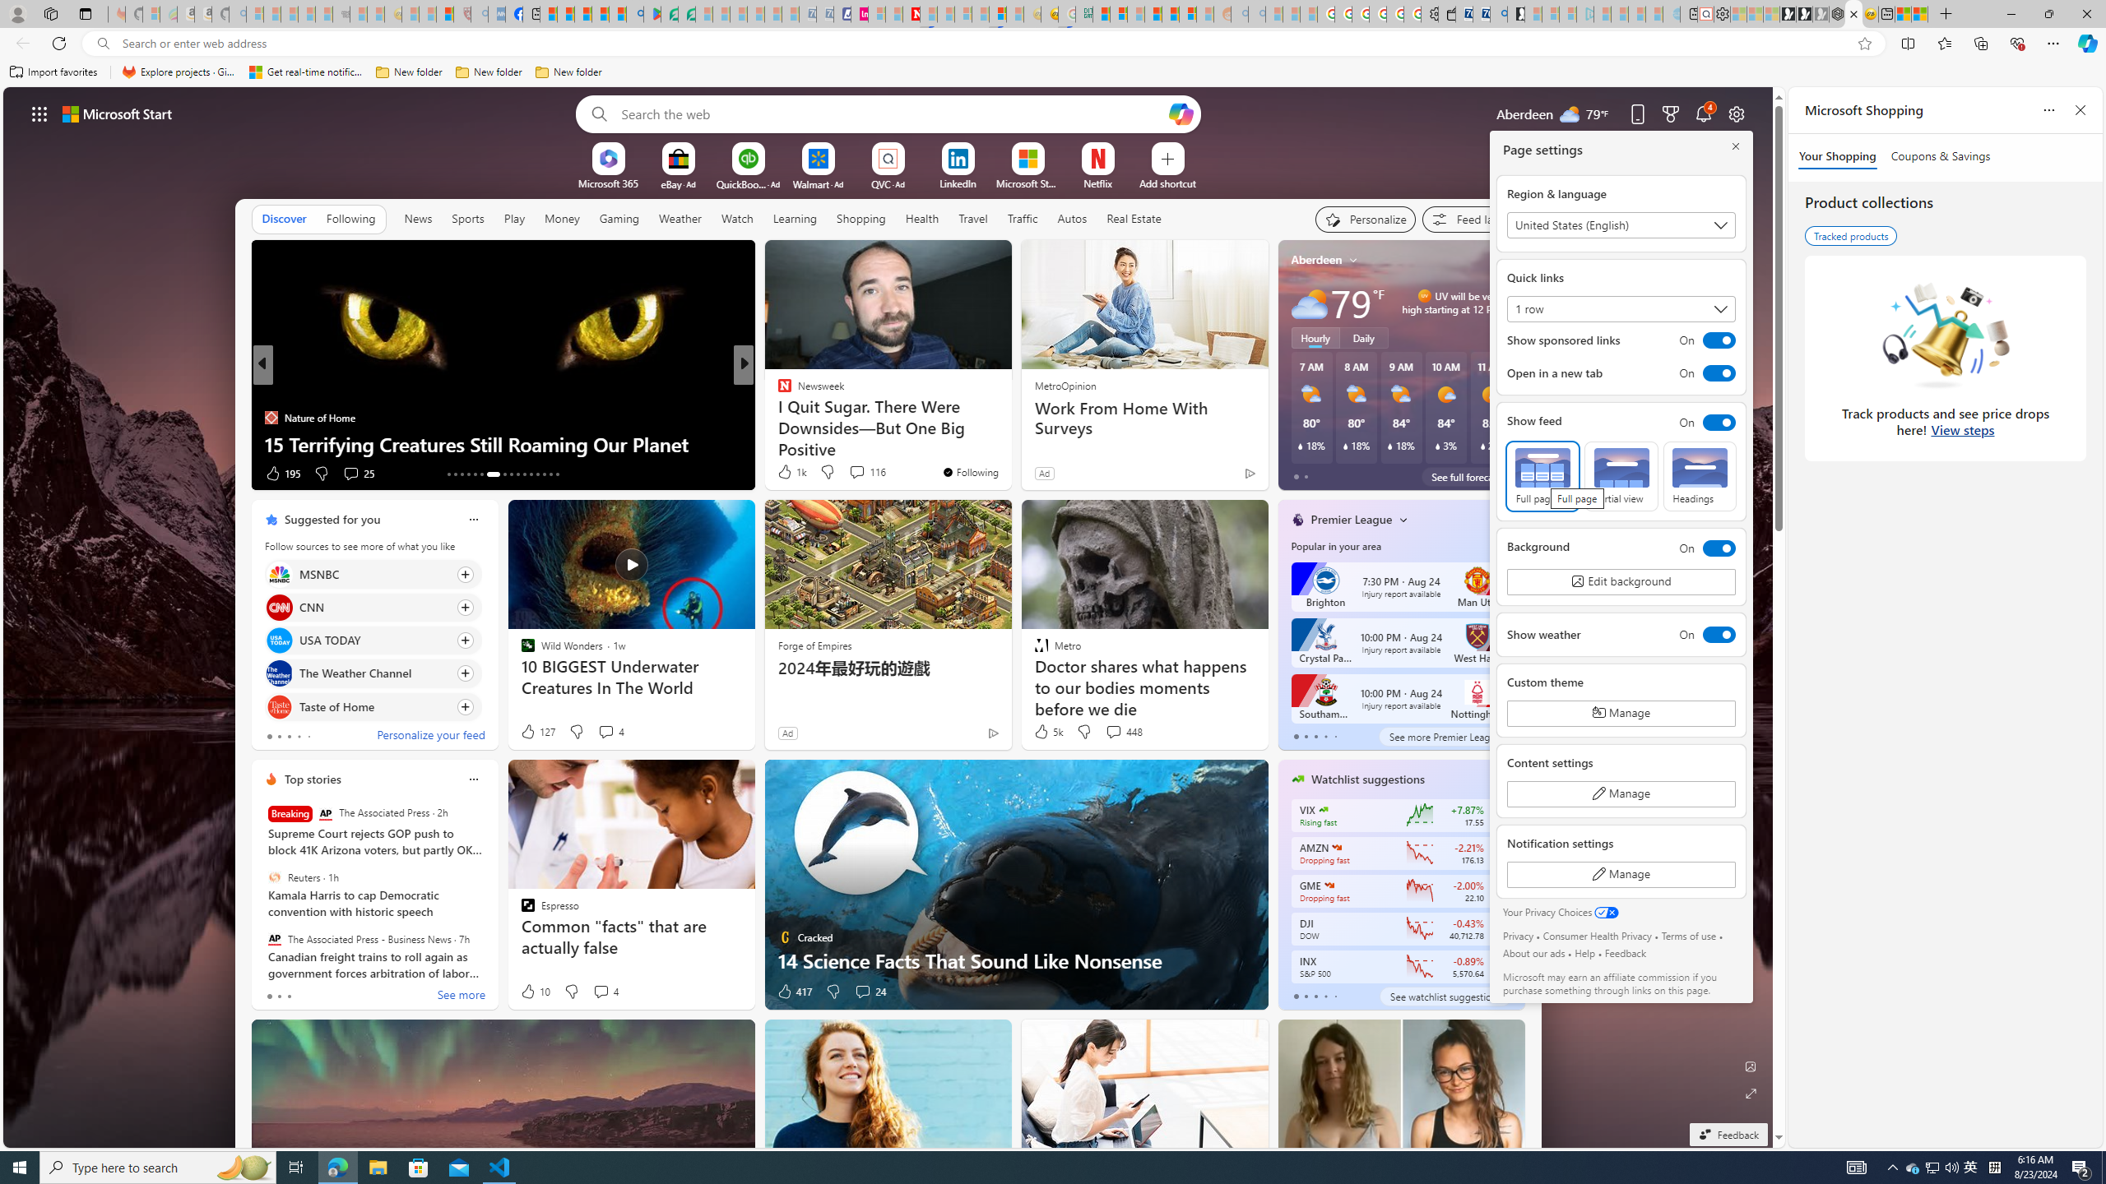  I want to click on 'Real Estate', so click(1133, 217).